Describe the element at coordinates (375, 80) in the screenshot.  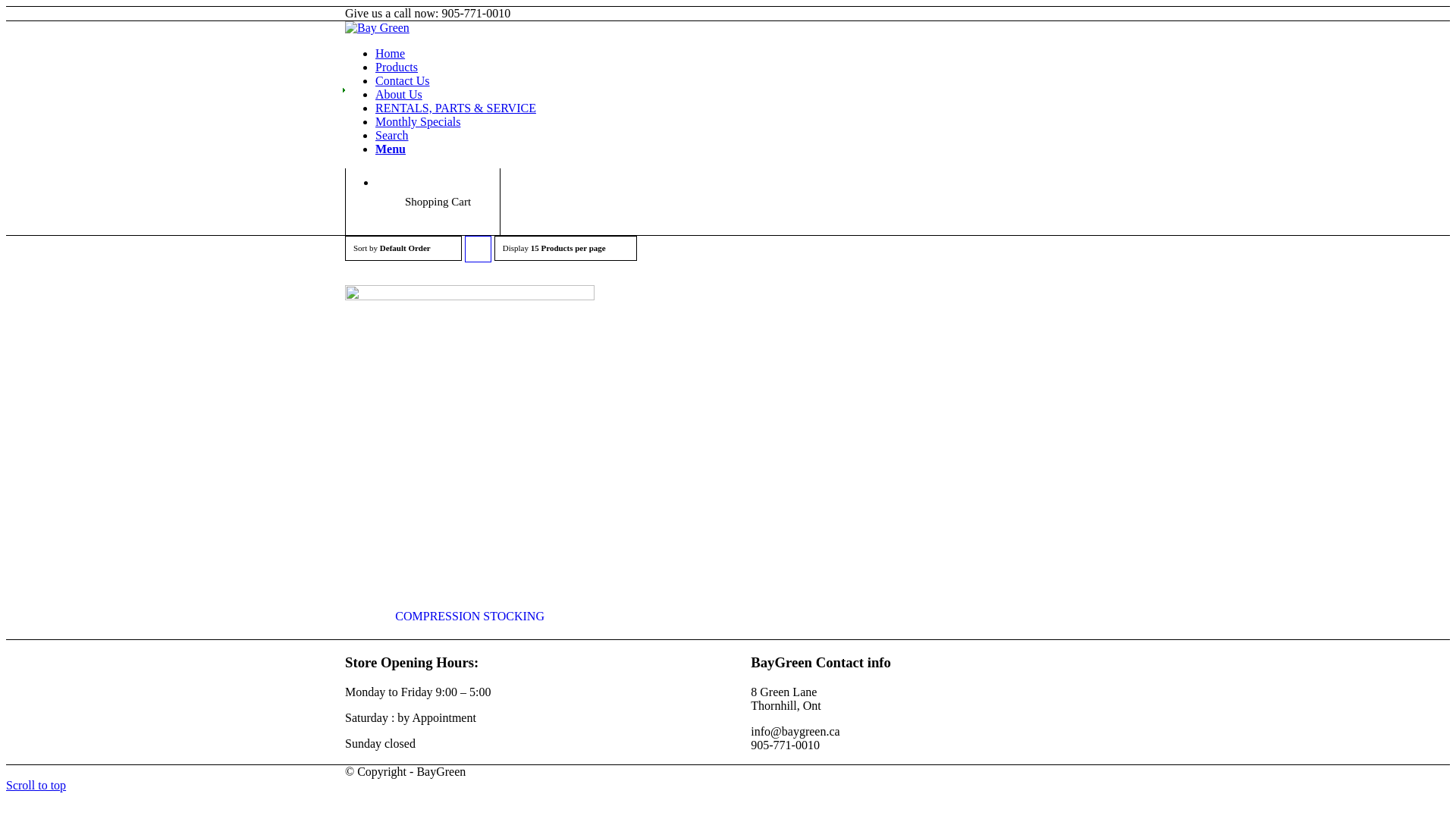
I see `'Contact Us'` at that location.